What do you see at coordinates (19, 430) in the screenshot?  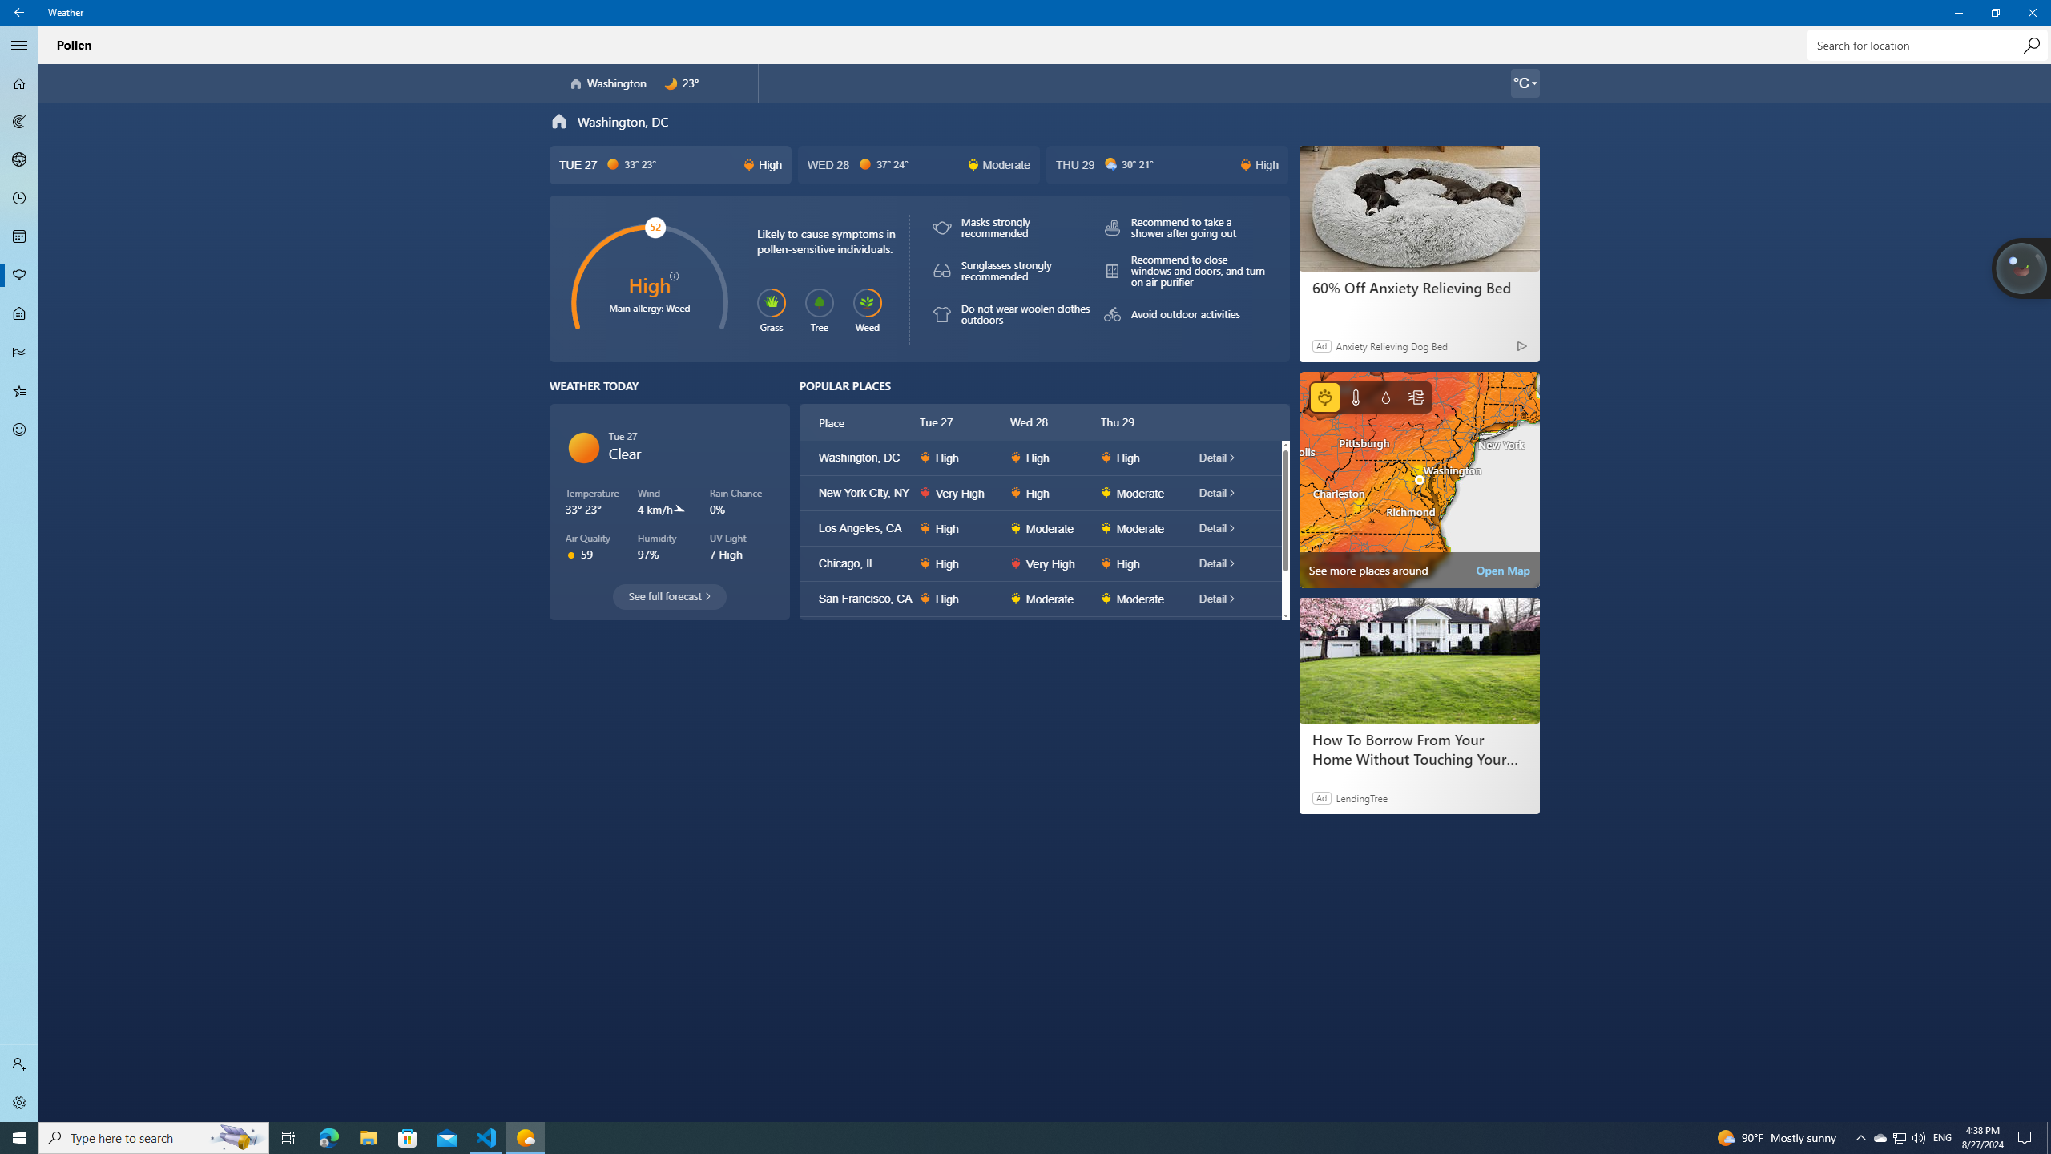 I see `'Send Feedback - Not Selected'` at bounding box center [19, 430].